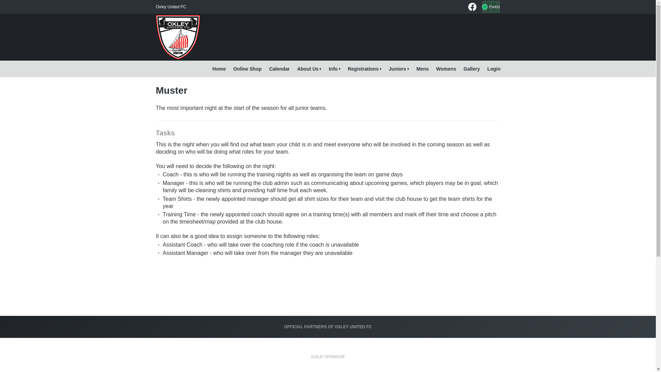 The height and width of the screenshot is (372, 661). I want to click on 'Womens', so click(446, 69).